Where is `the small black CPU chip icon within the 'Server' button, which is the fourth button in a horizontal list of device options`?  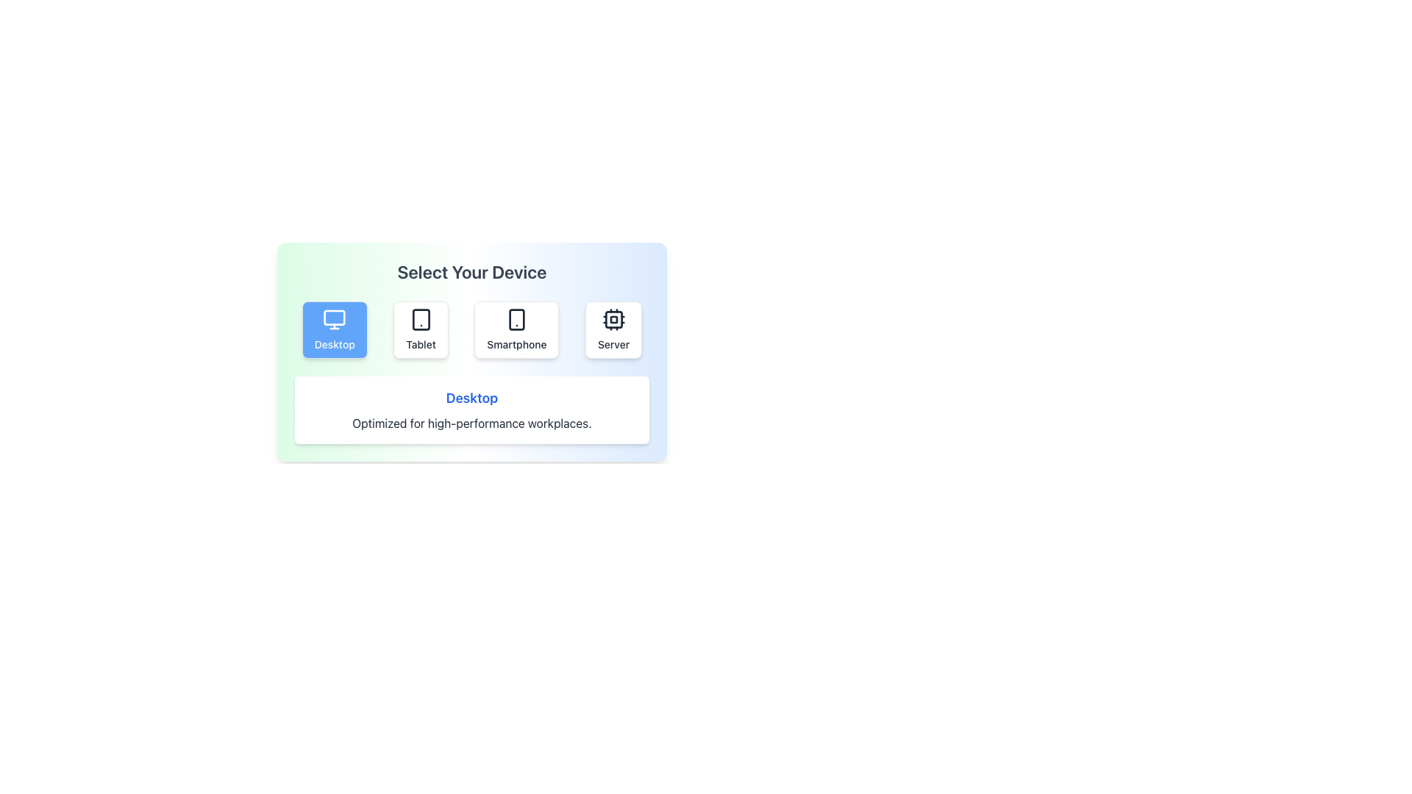
the small black CPU chip icon within the 'Server' button, which is the fourth button in a horizontal list of device options is located at coordinates (613, 319).